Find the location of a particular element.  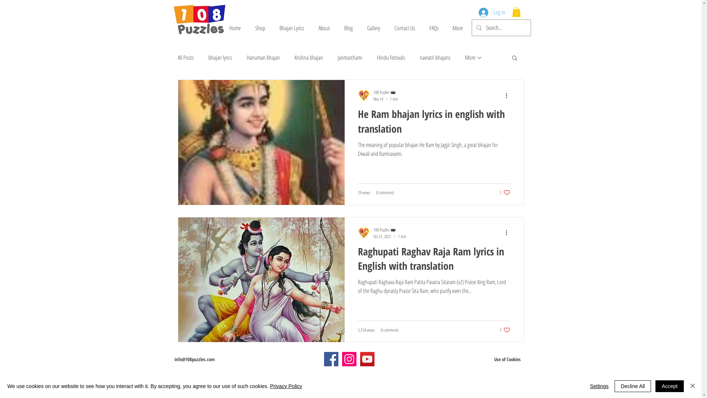

'0 comments' is located at coordinates (389, 329).